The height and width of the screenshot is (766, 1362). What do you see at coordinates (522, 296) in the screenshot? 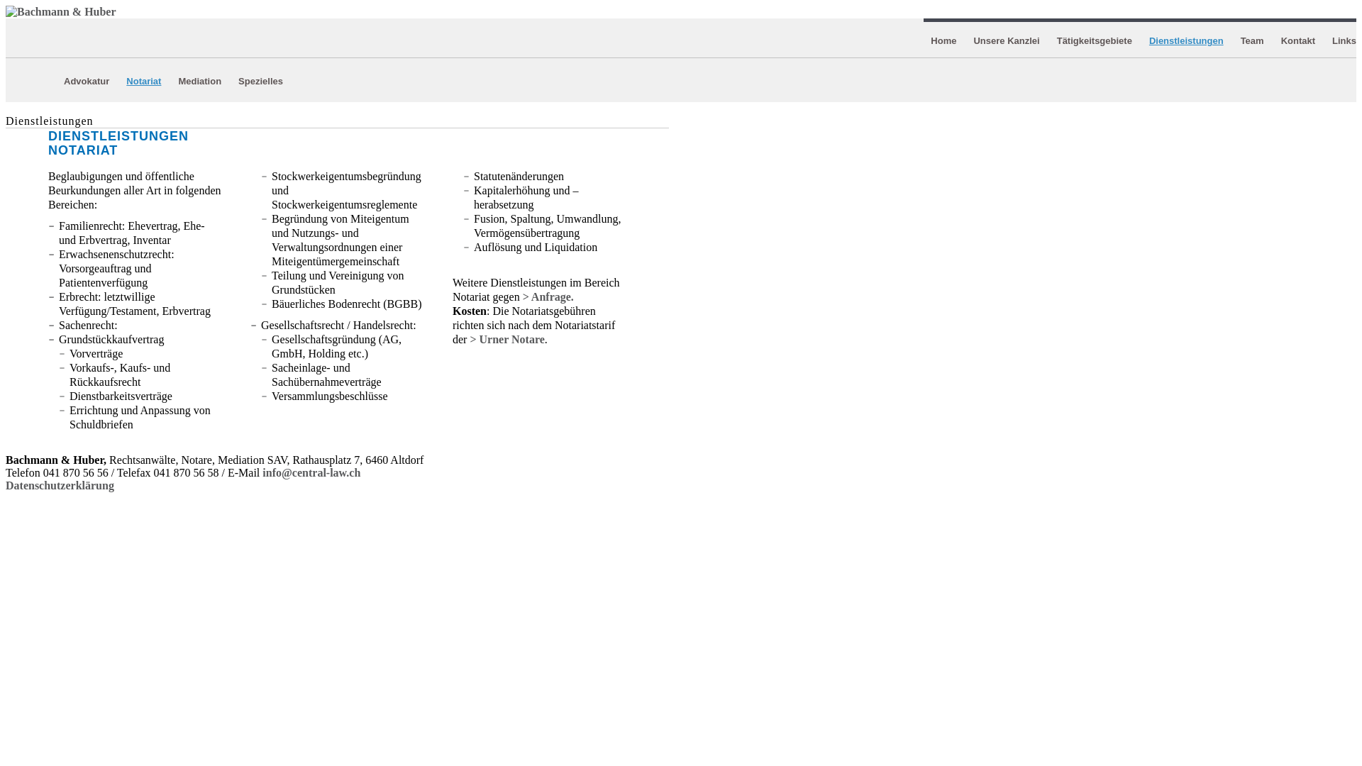
I see `'> Anfrage.'` at bounding box center [522, 296].